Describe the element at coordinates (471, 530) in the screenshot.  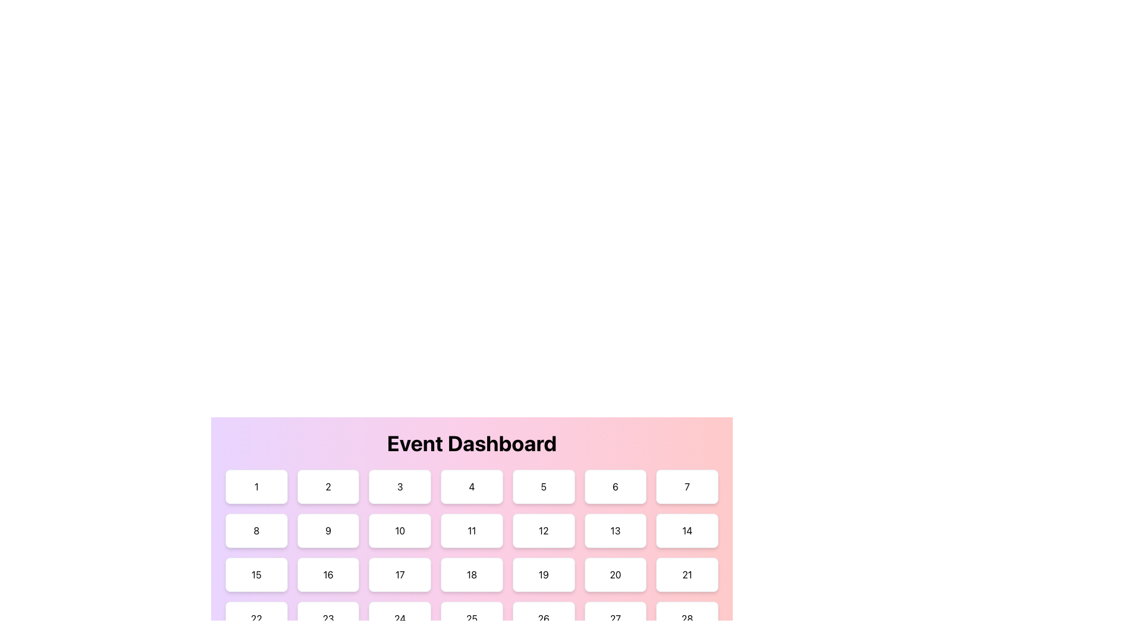
I see `the button labeled '11' in the second row and fourth column of the grid under the 'Event Dashboard'` at that location.